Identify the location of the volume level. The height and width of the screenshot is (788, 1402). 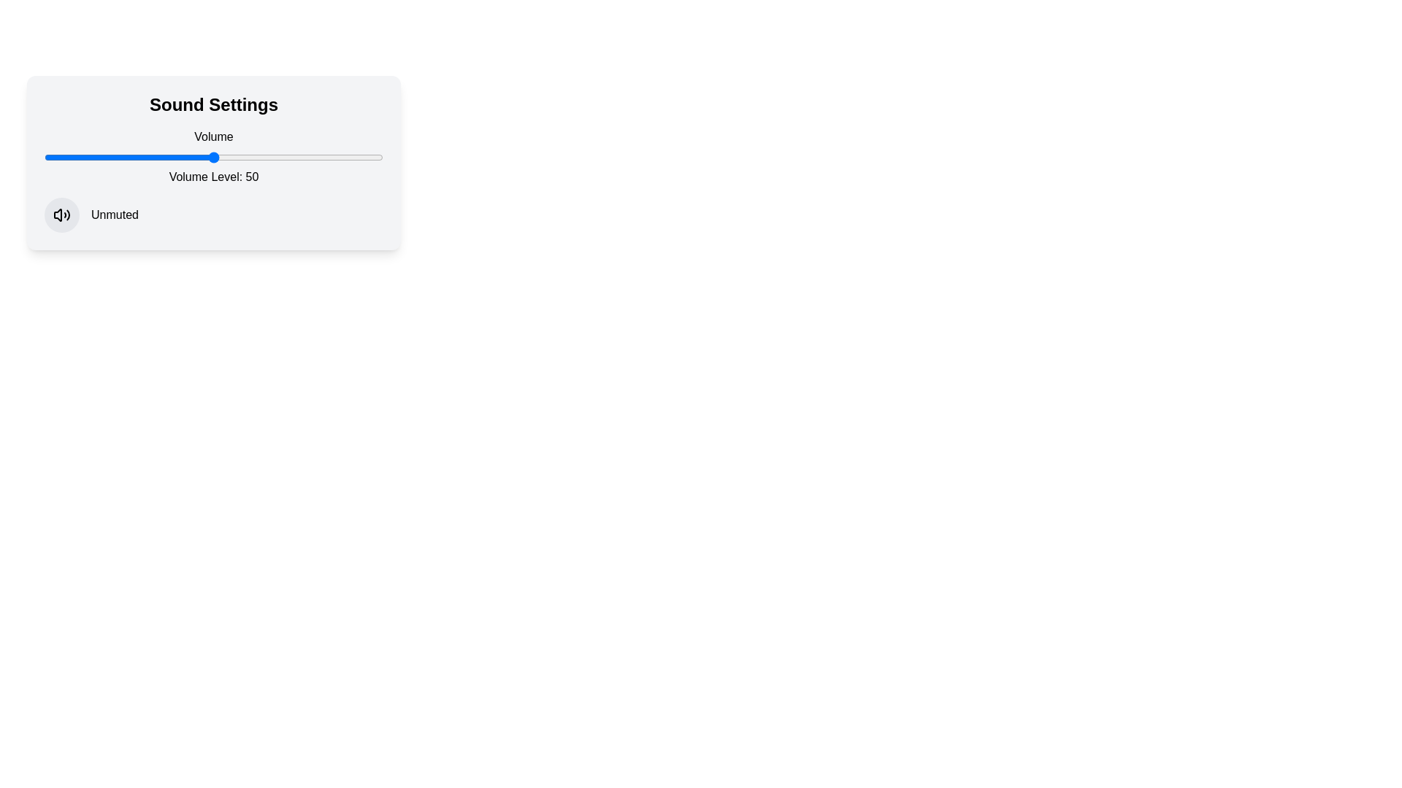
(61, 158).